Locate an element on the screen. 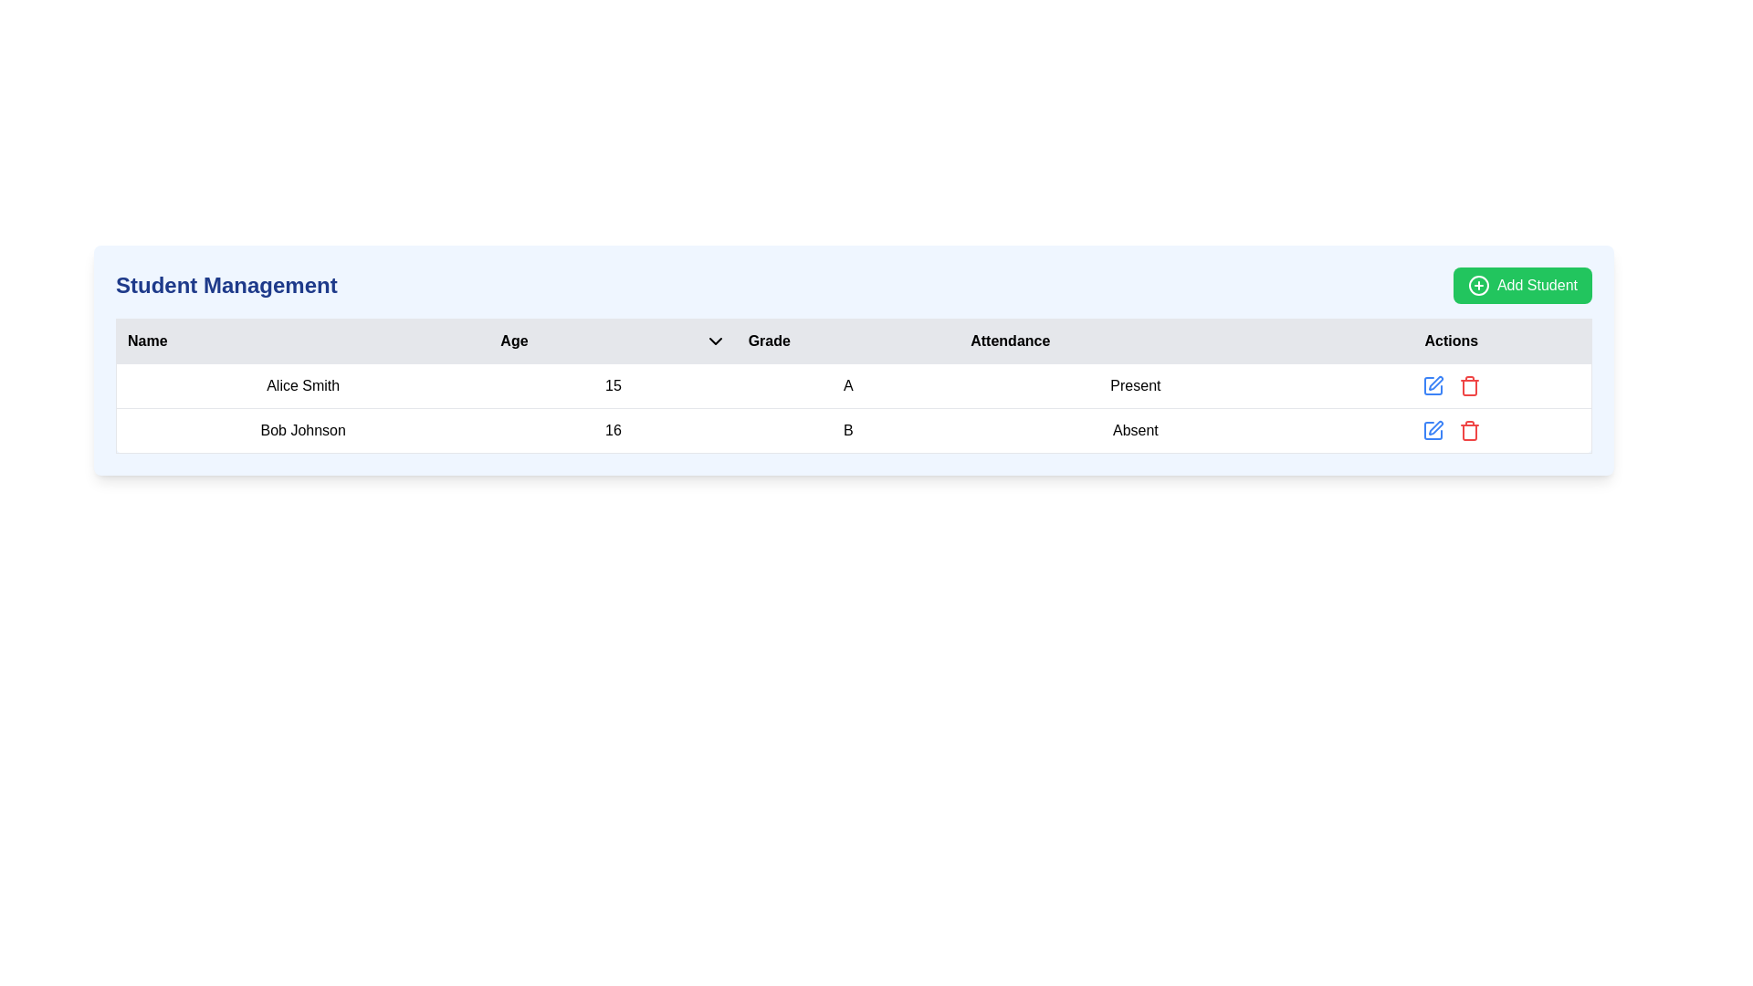 Image resolution: width=1753 pixels, height=986 pixels. the text label displaying the name 'Bob Johnson', located in the first cell of the student table under the 'Name' column is located at coordinates (302, 430).